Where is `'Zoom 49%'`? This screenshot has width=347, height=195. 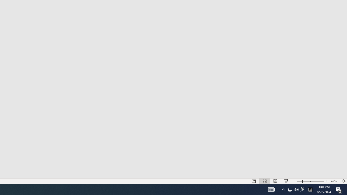 'Zoom 49%' is located at coordinates (334, 181).